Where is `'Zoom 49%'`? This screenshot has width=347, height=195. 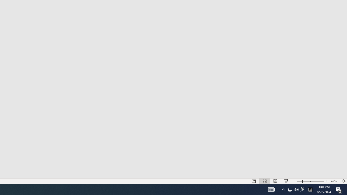 'Zoom 49%' is located at coordinates (334, 181).